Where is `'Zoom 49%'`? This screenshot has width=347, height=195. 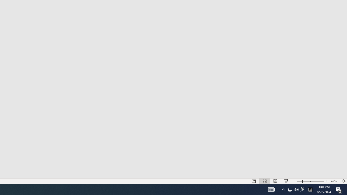 'Zoom 49%' is located at coordinates (334, 181).